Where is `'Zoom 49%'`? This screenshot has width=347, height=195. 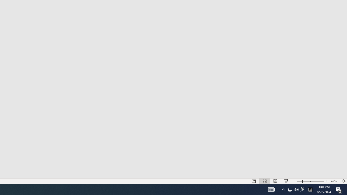 'Zoom 49%' is located at coordinates (334, 181).